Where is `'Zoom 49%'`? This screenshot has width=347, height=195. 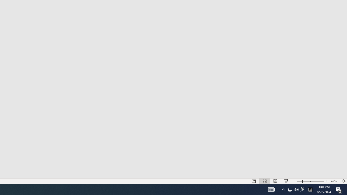 'Zoom 49%' is located at coordinates (334, 181).